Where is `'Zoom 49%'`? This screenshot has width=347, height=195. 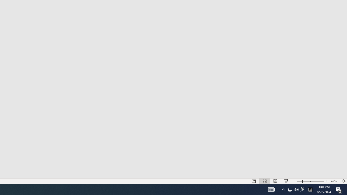 'Zoom 49%' is located at coordinates (334, 181).